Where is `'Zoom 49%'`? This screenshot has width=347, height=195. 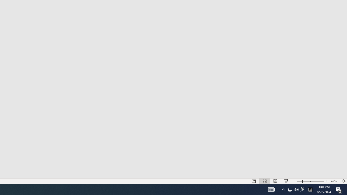 'Zoom 49%' is located at coordinates (334, 181).